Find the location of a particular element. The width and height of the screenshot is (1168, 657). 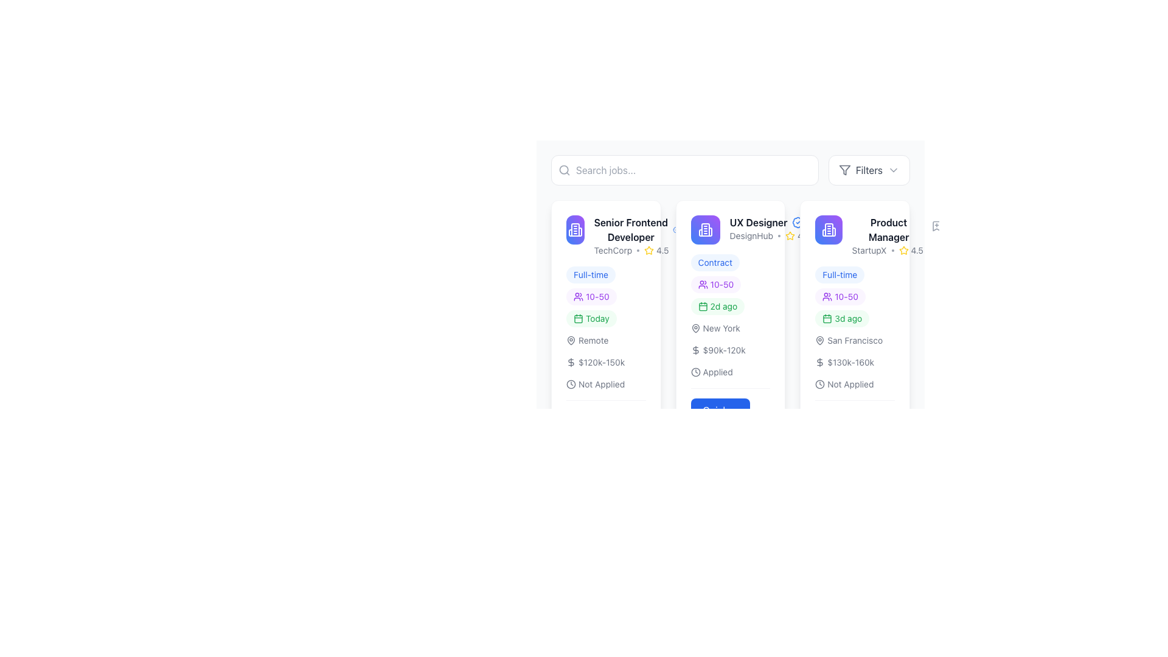

the job title text label located in the first column of job cards, positioned below the business icon is located at coordinates (631, 230).